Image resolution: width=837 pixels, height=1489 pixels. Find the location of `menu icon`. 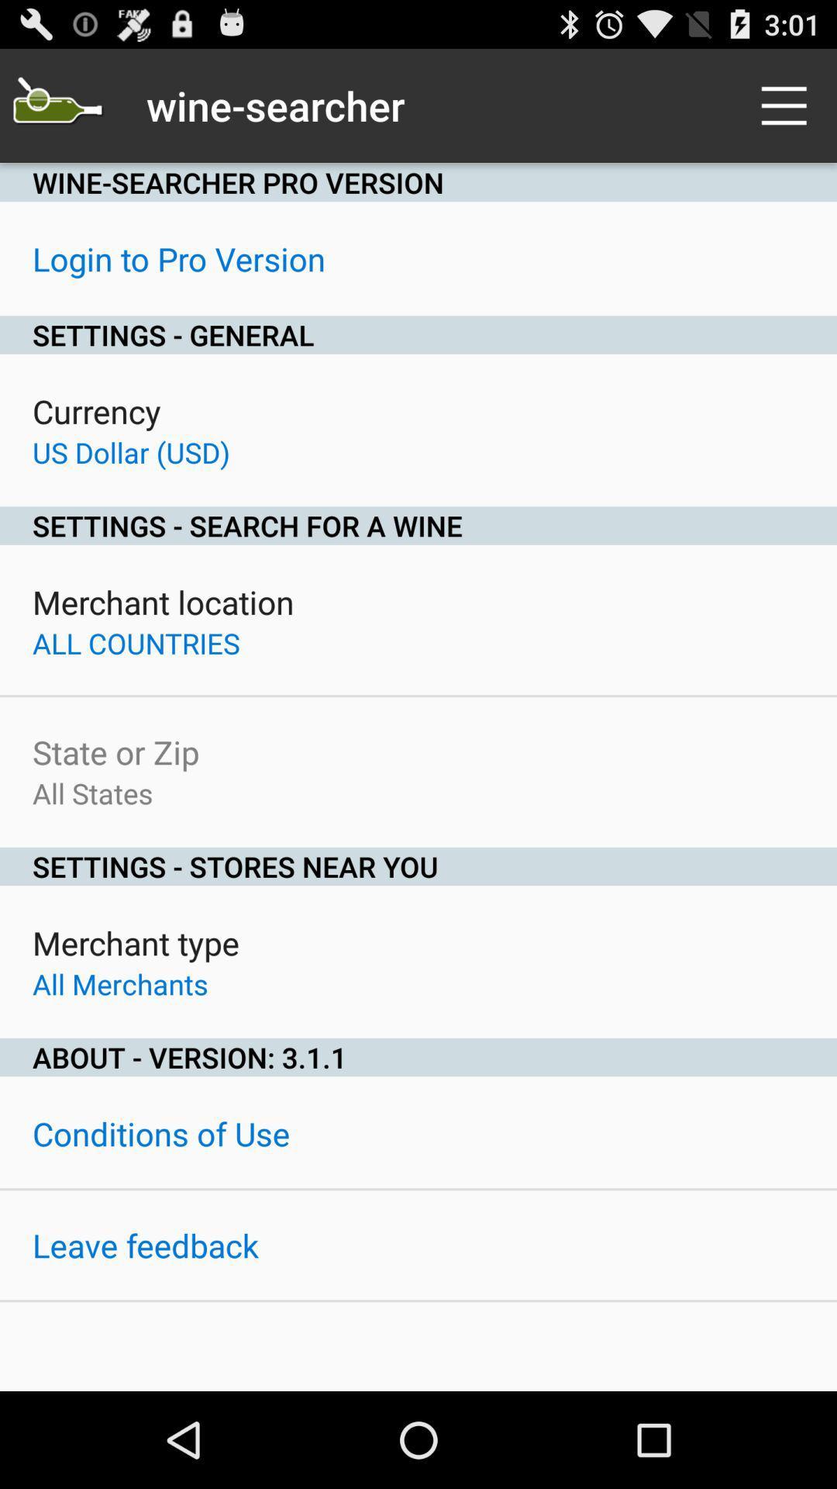

menu icon is located at coordinates (788, 105).